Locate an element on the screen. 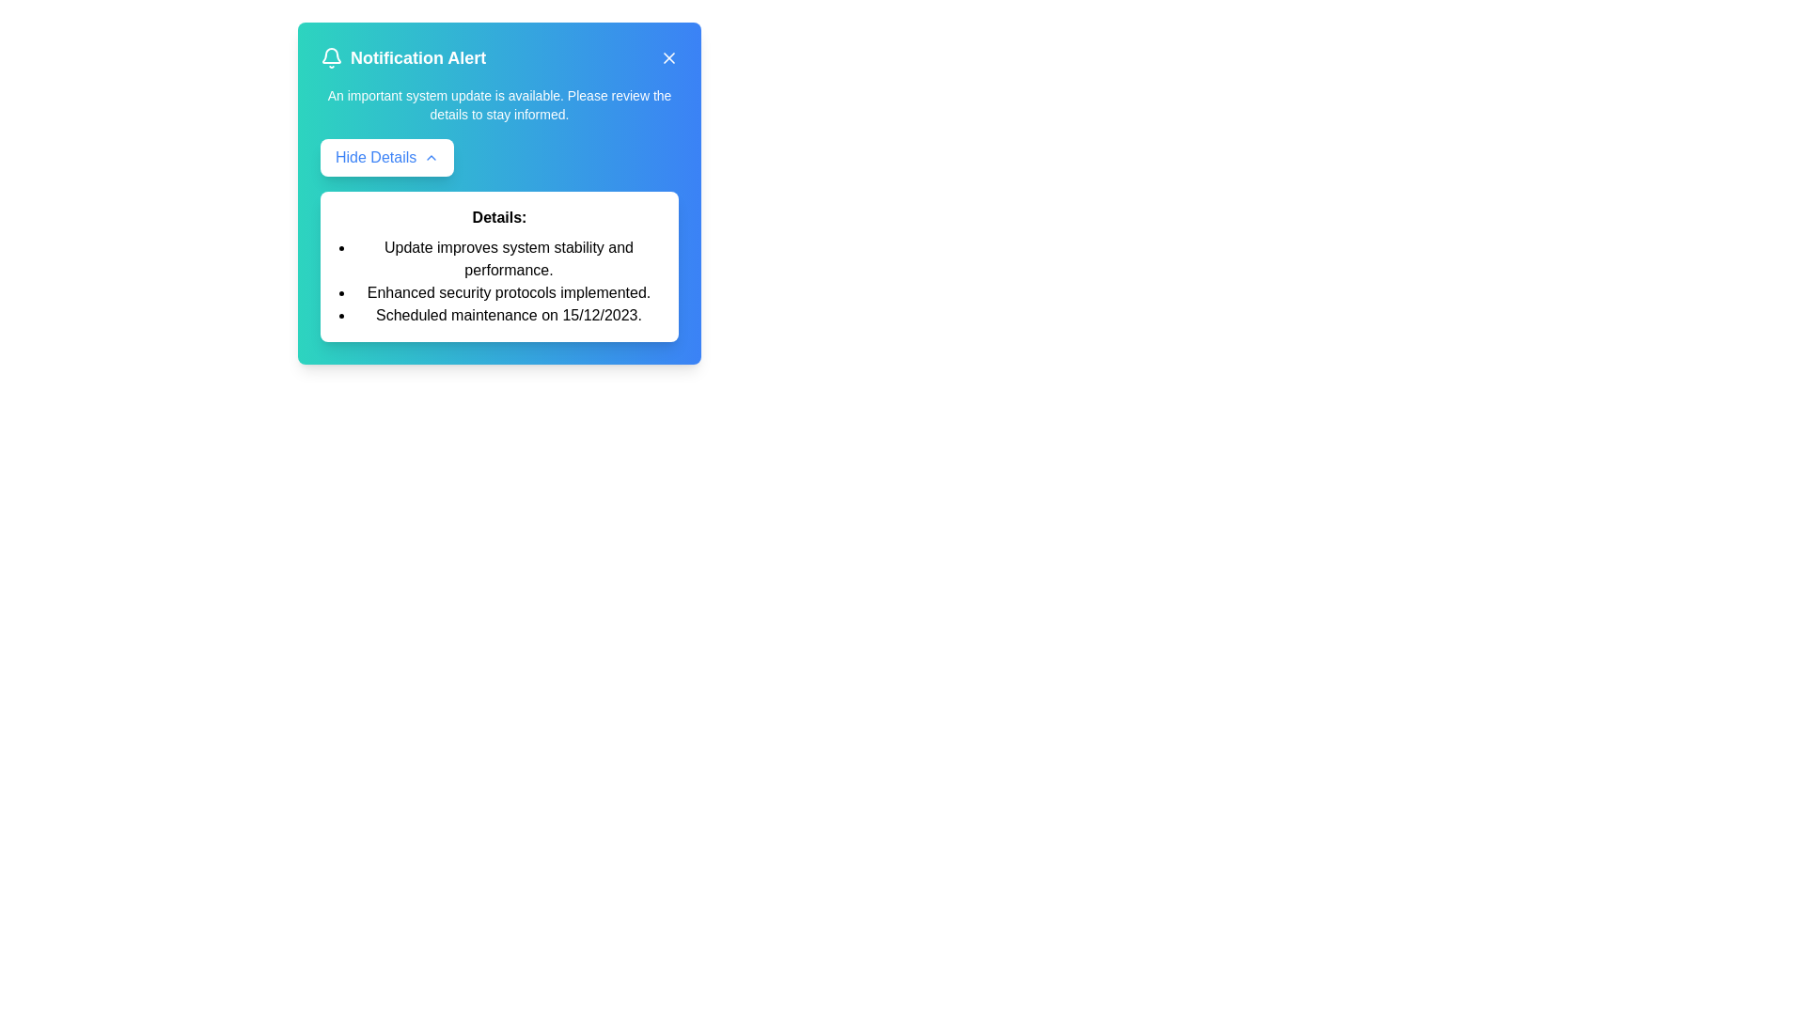 This screenshot has width=1805, height=1015. the close button to close the alert is located at coordinates (668, 56).